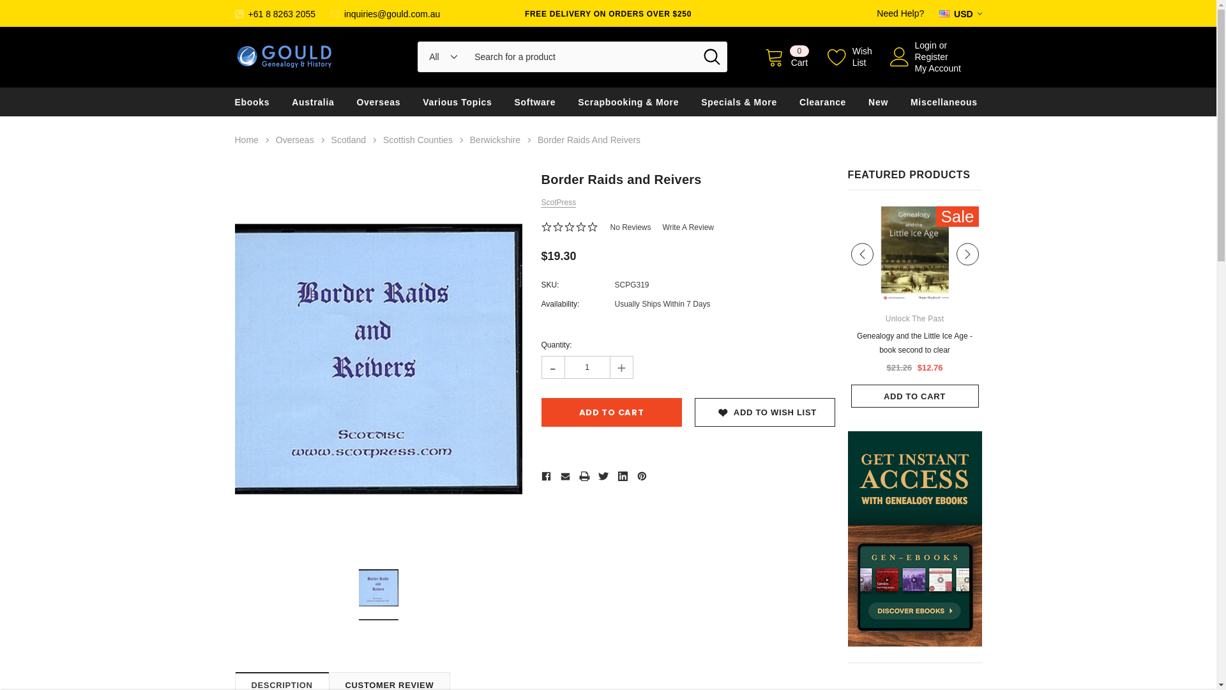 The height and width of the screenshot is (690, 1226). I want to click on '-', so click(552, 367).